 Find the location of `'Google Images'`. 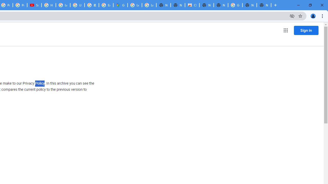

'Google Images' is located at coordinates (235, 5).